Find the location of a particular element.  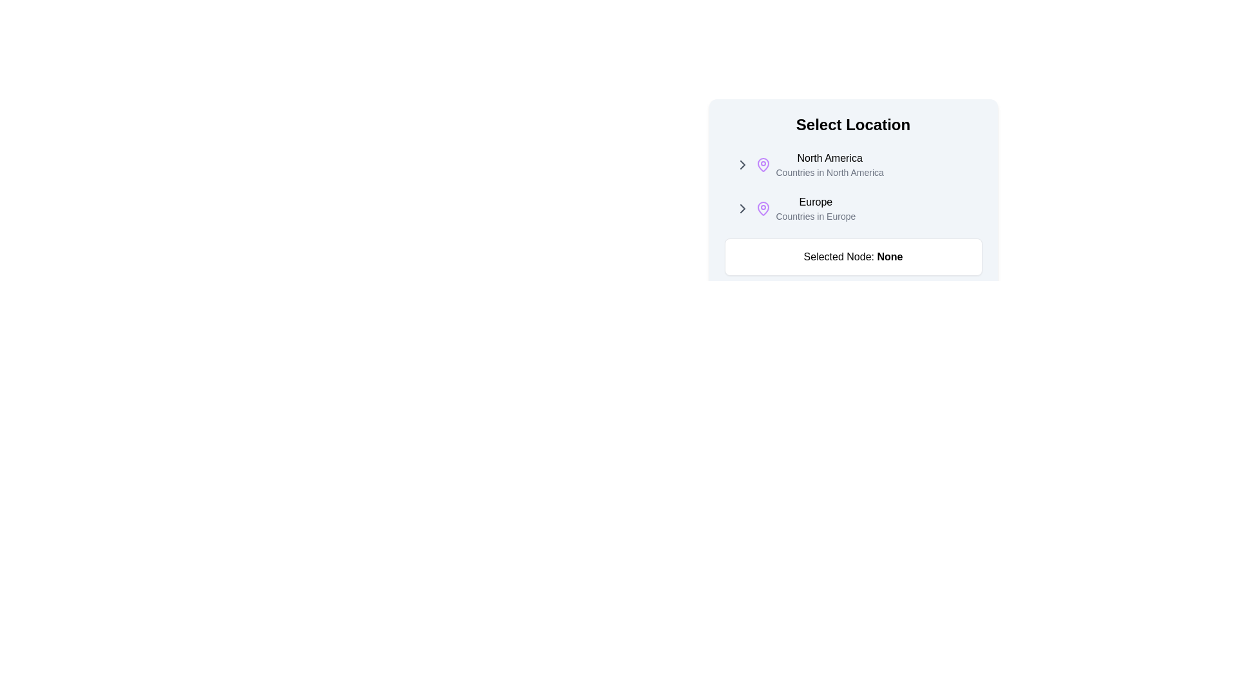

the text block indicating the region 'Europe', located in the right section of the interface under 'Select Location', as the second item below 'North America' is located at coordinates (815, 208).